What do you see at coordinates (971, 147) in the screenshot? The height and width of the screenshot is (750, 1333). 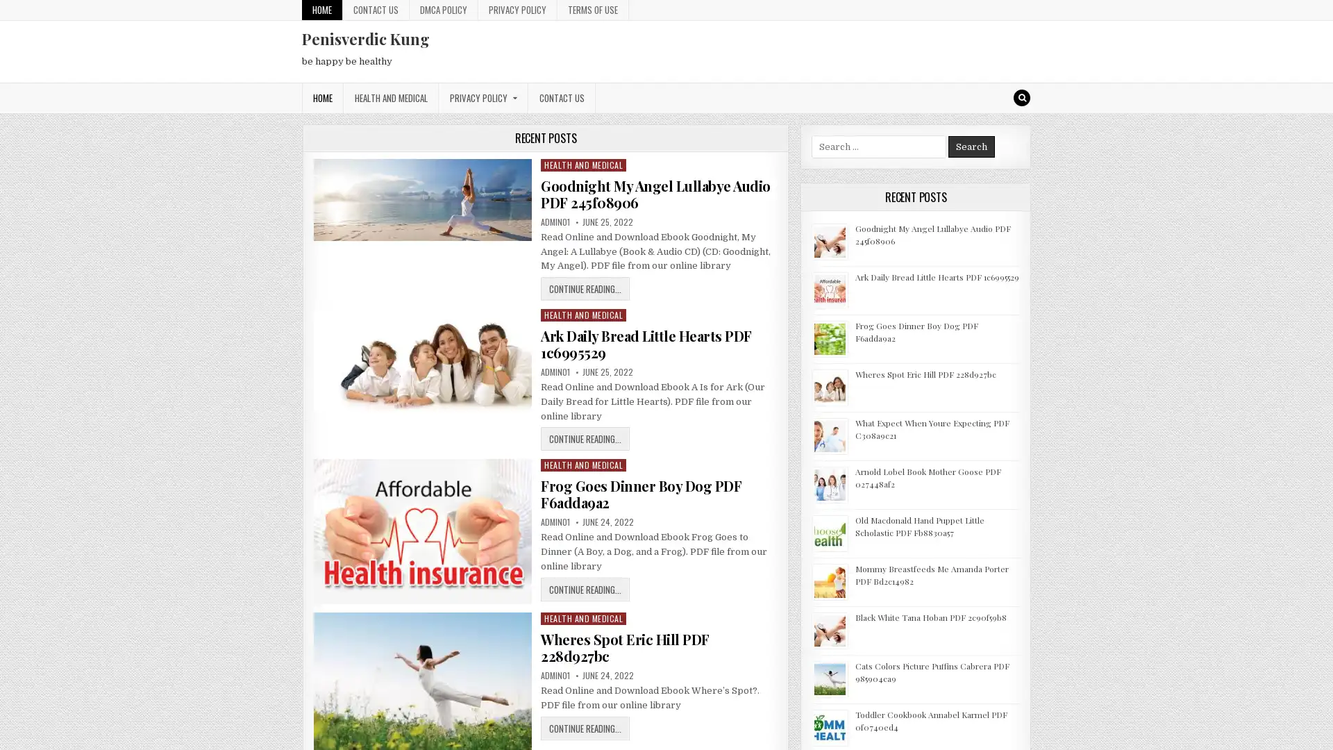 I see `Search` at bounding box center [971, 147].